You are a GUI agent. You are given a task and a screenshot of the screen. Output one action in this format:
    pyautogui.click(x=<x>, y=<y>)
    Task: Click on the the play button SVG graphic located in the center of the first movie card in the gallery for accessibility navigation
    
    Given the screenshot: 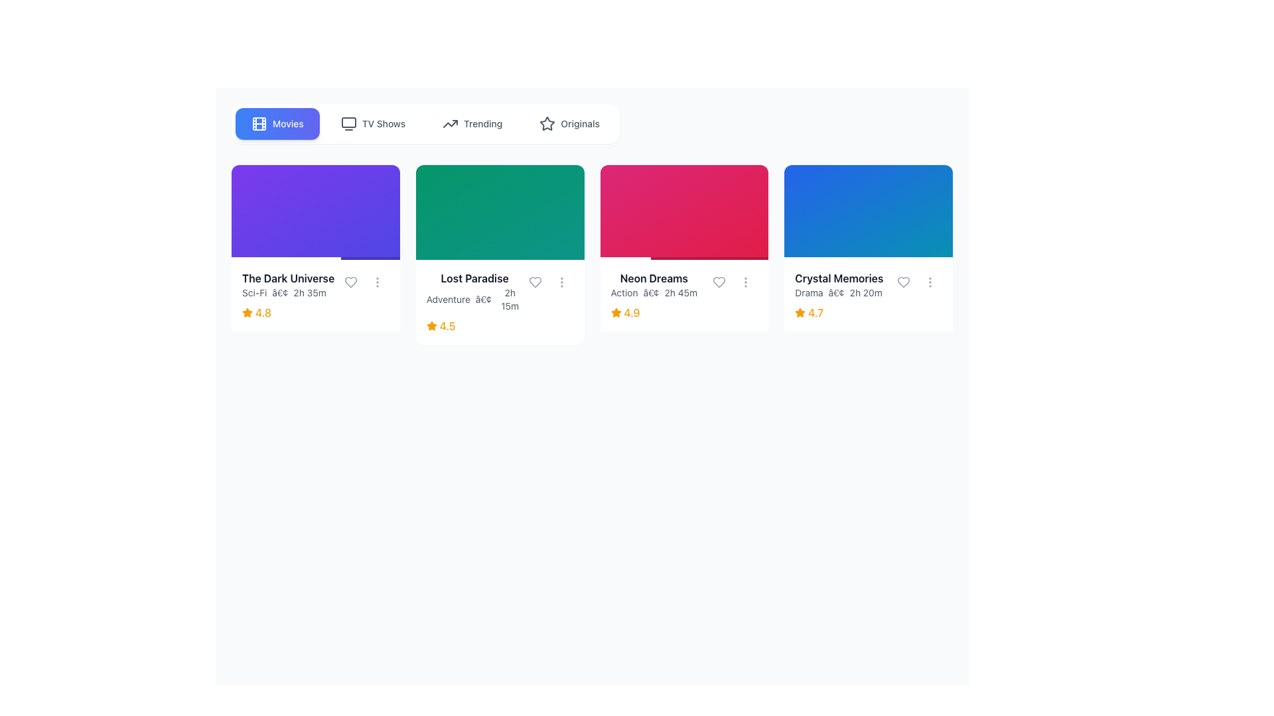 What is the action you would take?
    pyautogui.click(x=317, y=211)
    